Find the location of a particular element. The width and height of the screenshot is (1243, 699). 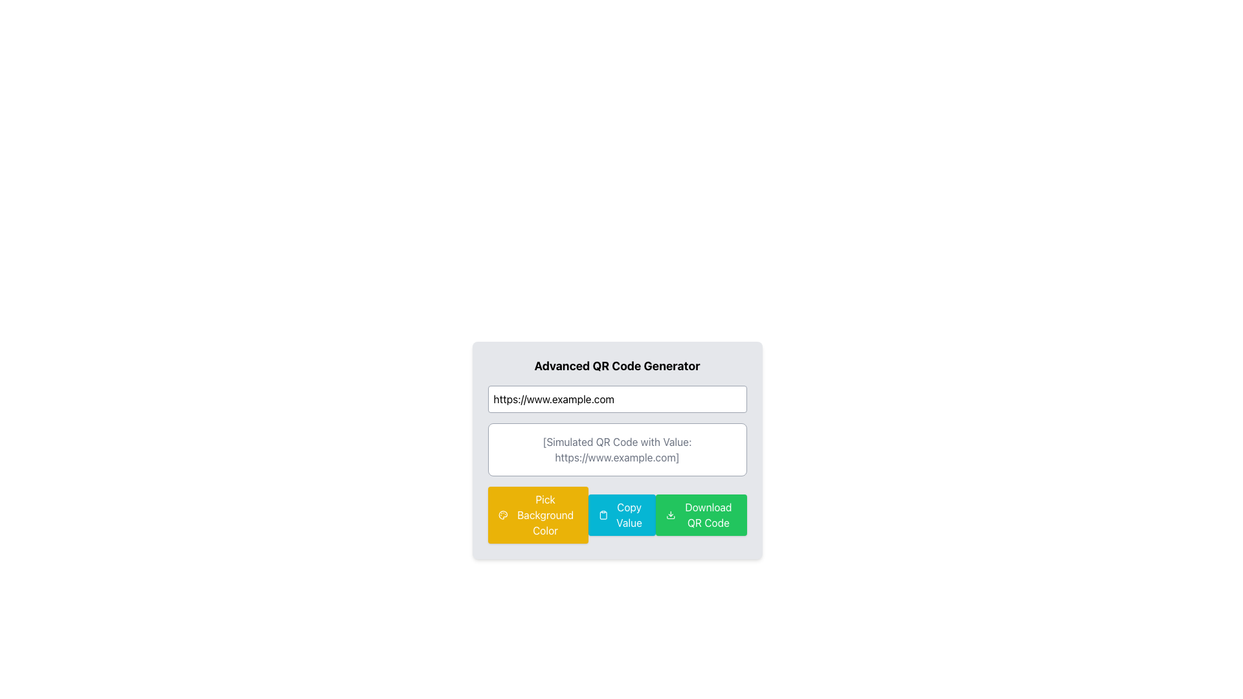

the green rectangular button labeled 'Download QR Code' is located at coordinates (700, 514).